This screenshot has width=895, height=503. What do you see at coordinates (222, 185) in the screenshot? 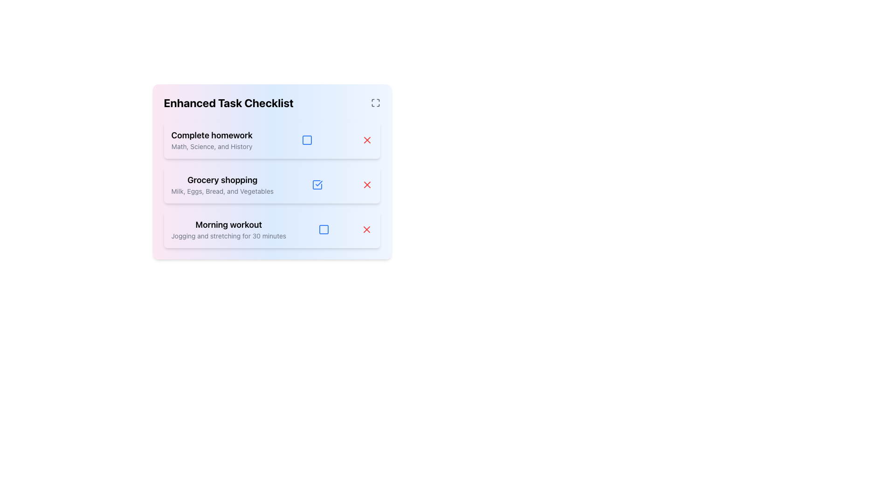
I see `the second task entry text display component, which summarizes its title and description` at bounding box center [222, 185].